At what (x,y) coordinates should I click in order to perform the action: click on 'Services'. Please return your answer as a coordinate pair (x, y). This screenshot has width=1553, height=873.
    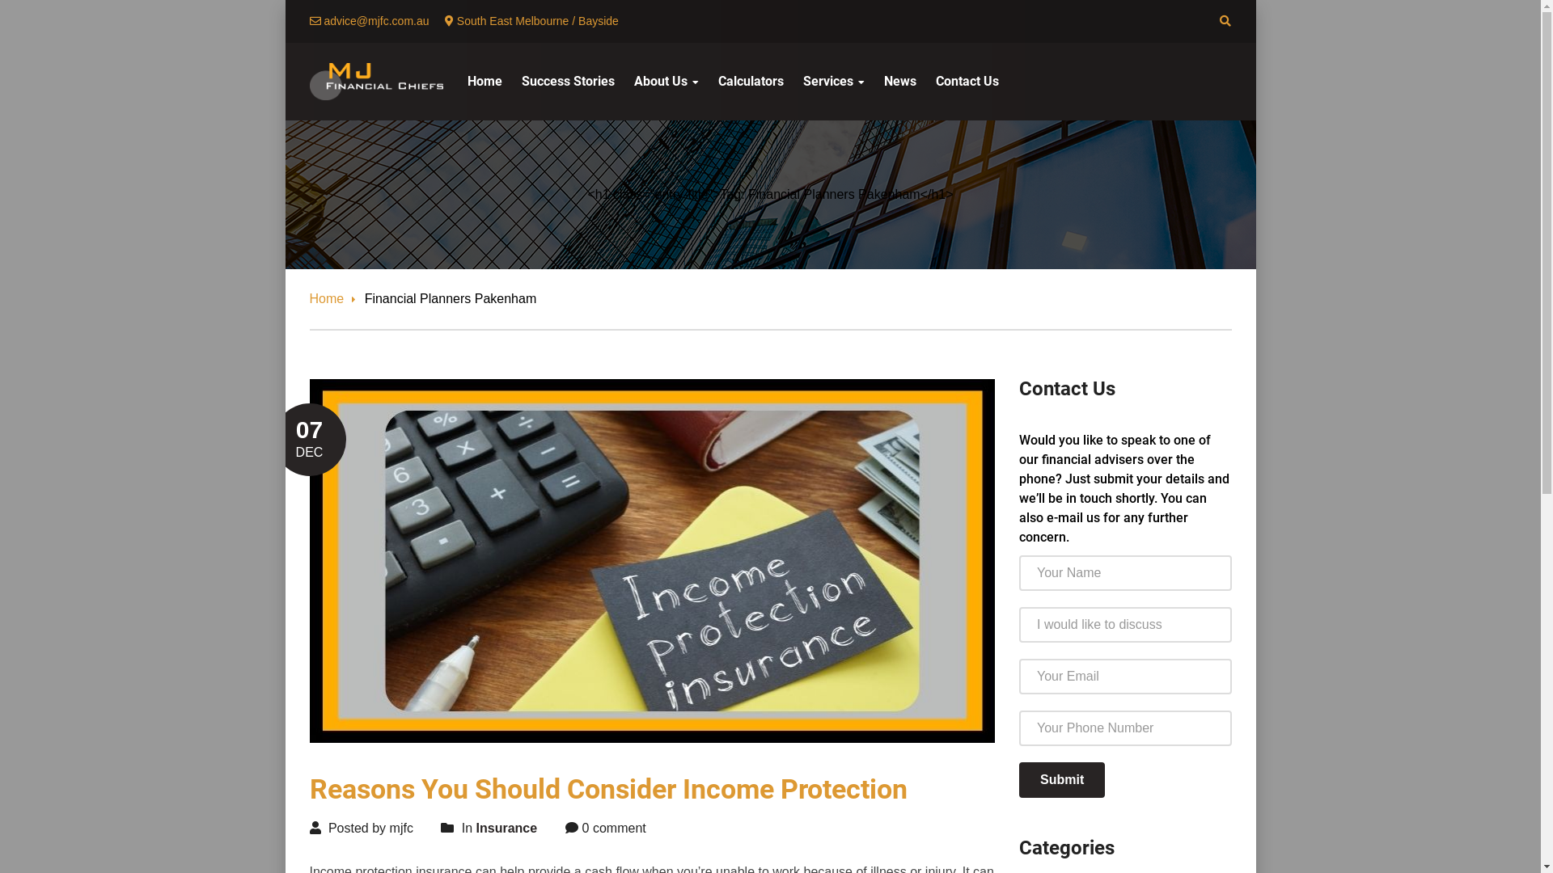
    Looking at the image, I should click on (833, 81).